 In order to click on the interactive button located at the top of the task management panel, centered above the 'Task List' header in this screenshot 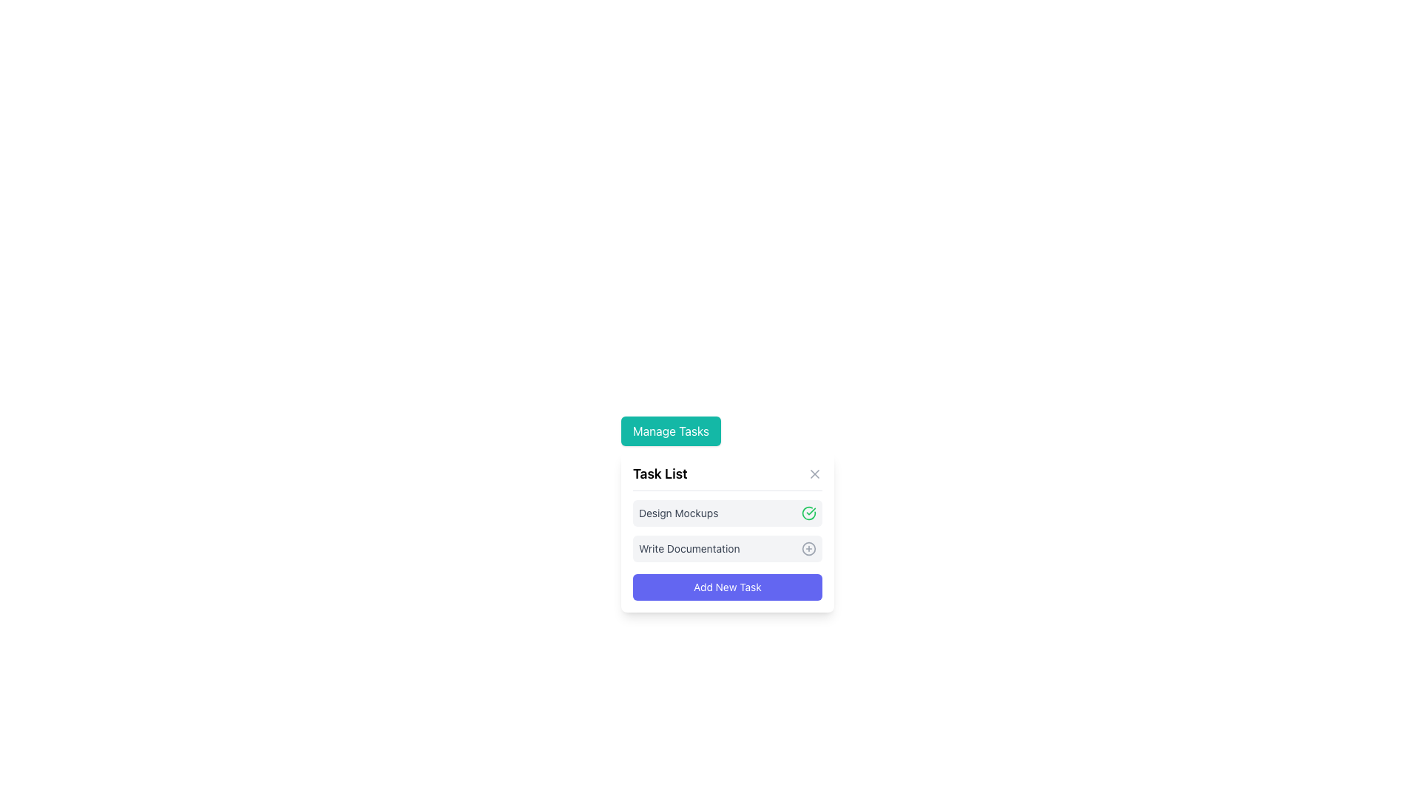, I will do `click(670, 431)`.